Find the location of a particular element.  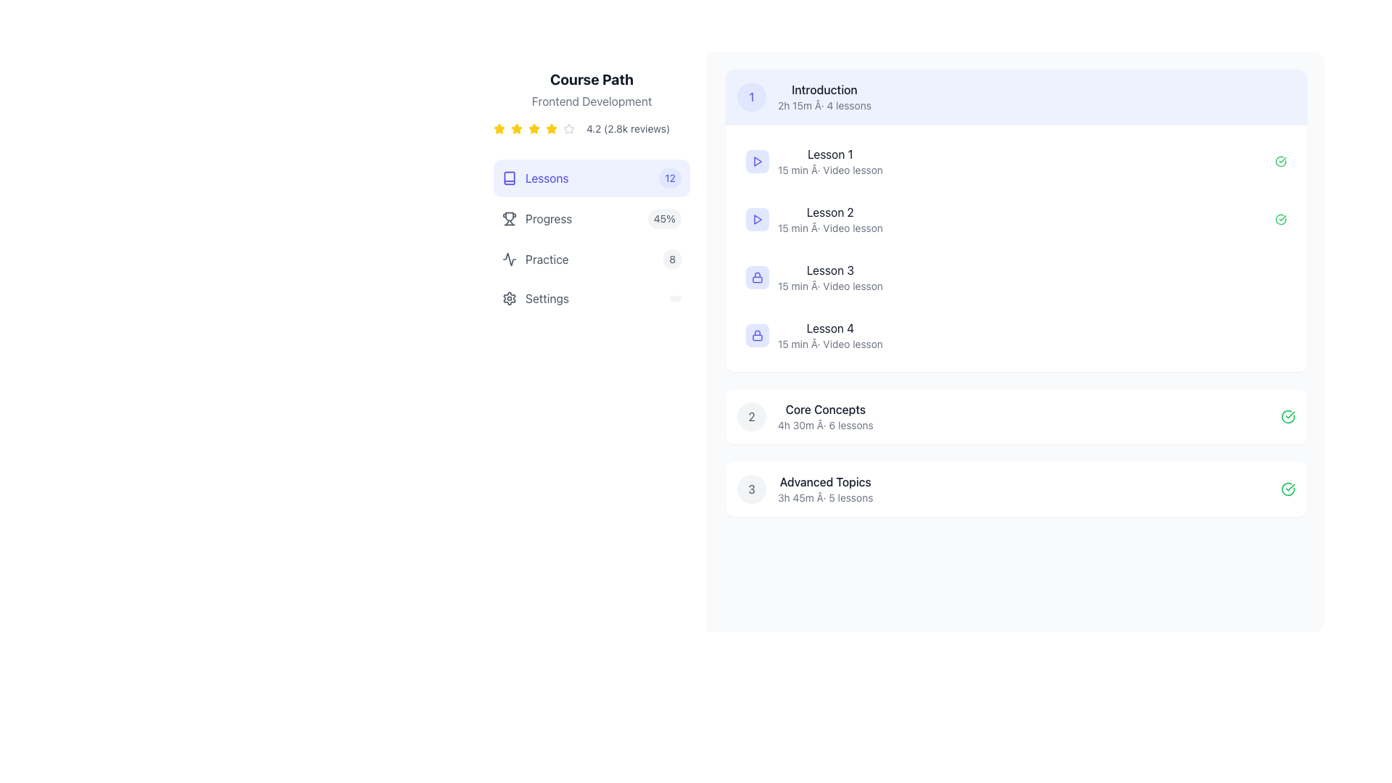

the triangle-shaped play icon located beside 'Lesson 2' in the list of lessons, which is the second icon among the lesson entries is located at coordinates (757, 220).